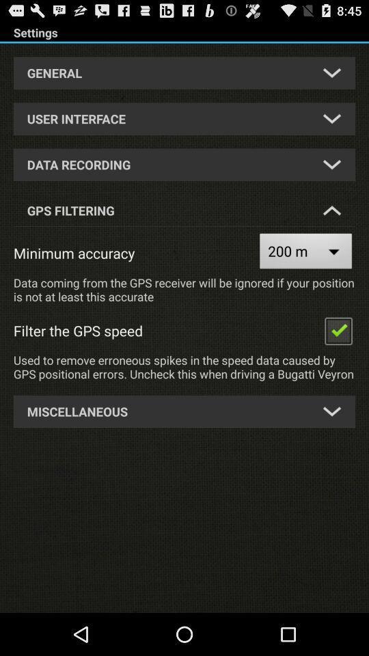 The width and height of the screenshot is (369, 656). What do you see at coordinates (338, 329) in the screenshot?
I see `filter the gps speed option` at bounding box center [338, 329].